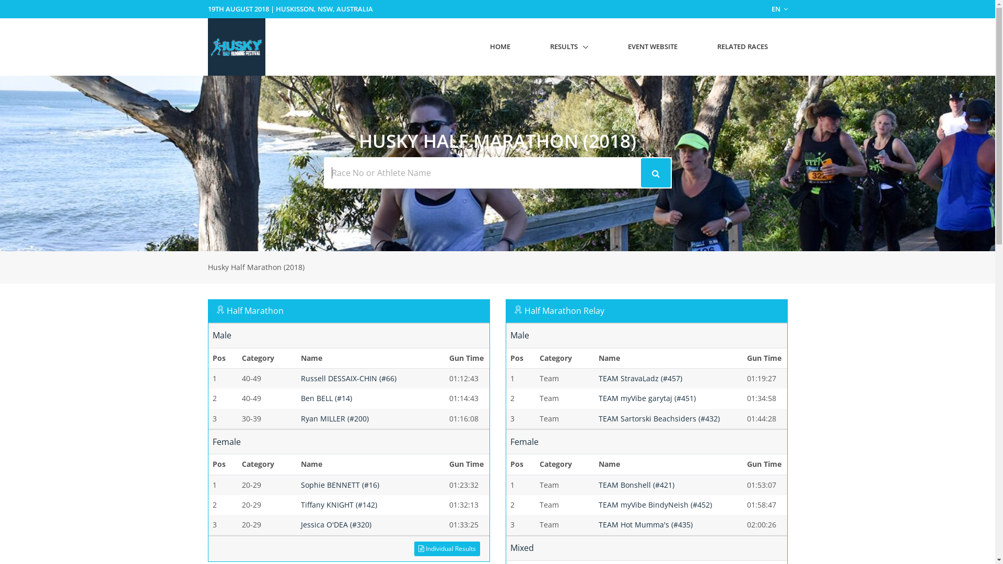 This screenshot has width=1003, height=564. Describe the element at coordinates (256, 266) in the screenshot. I see `'Husky Half Marathon (2018)'` at that location.